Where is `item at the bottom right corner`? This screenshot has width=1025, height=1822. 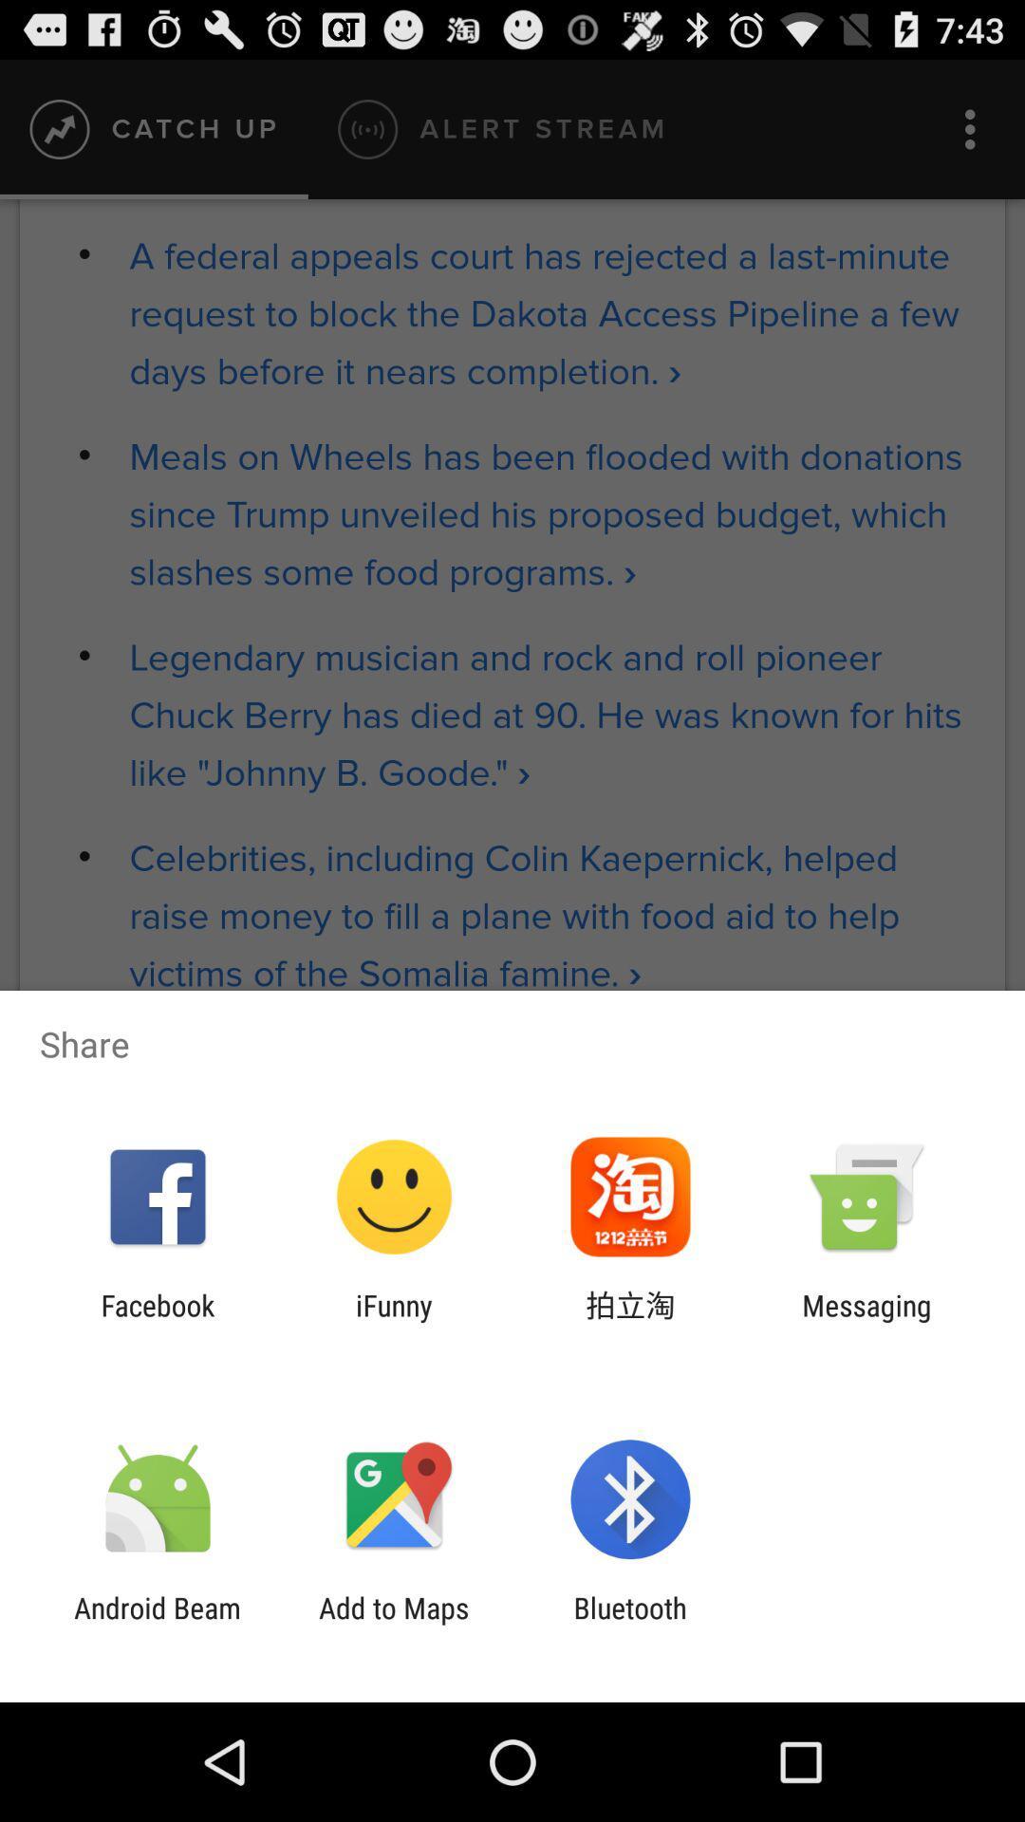 item at the bottom right corner is located at coordinates (867, 1321).